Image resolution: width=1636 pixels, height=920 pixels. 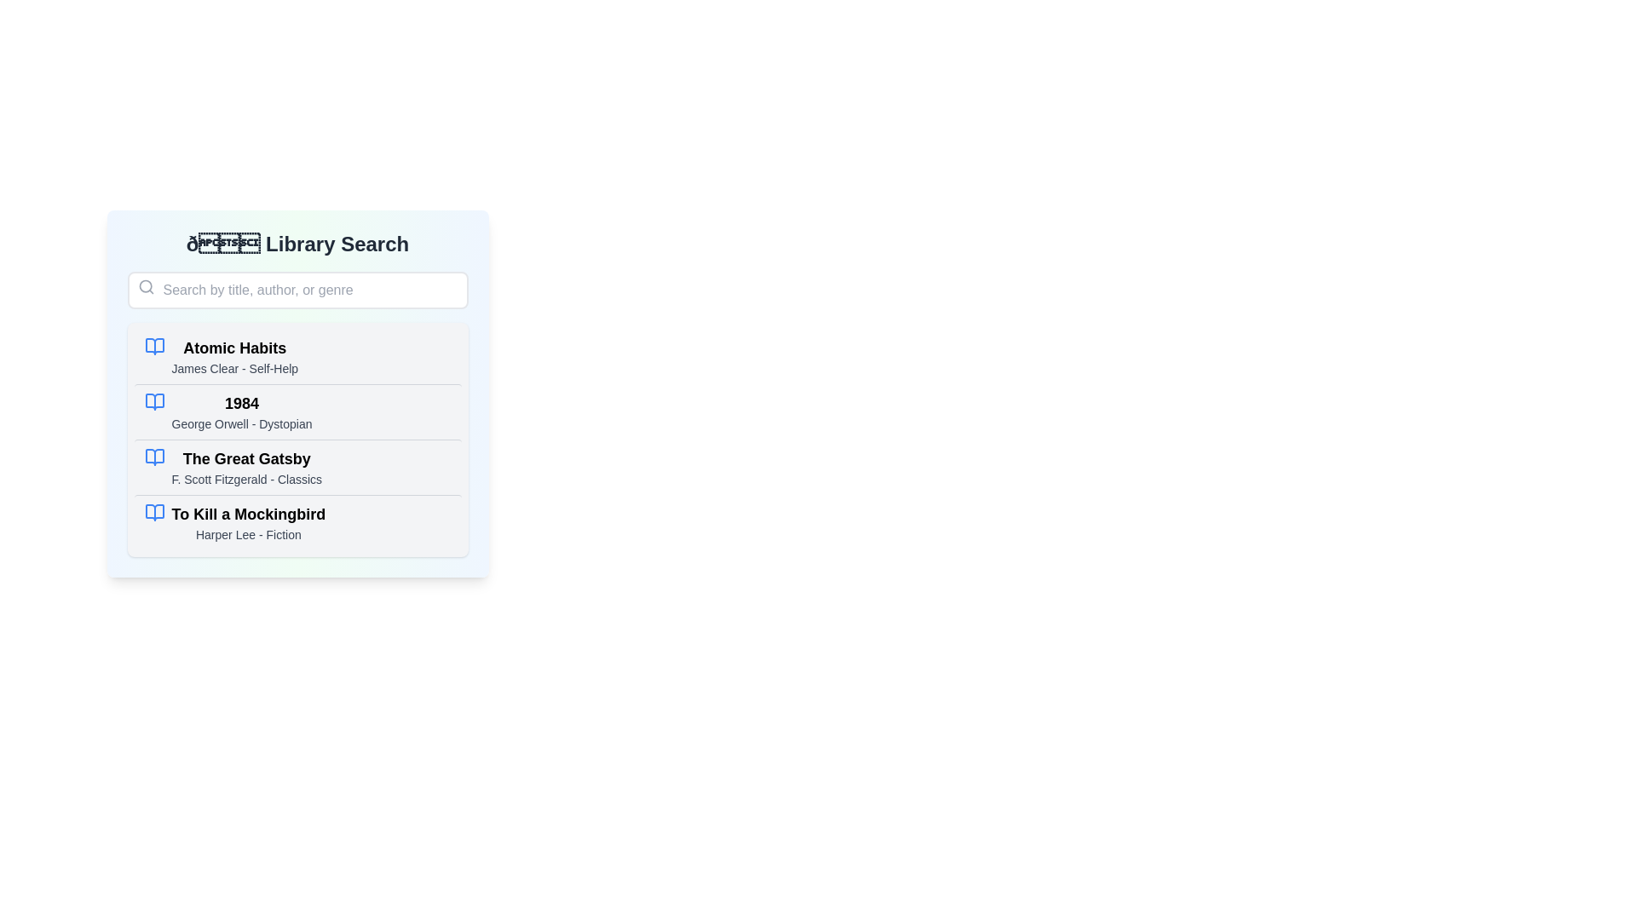 What do you see at coordinates (233, 347) in the screenshot?
I see `the title text of the library entry for 'Atomic Habits'` at bounding box center [233, 347].